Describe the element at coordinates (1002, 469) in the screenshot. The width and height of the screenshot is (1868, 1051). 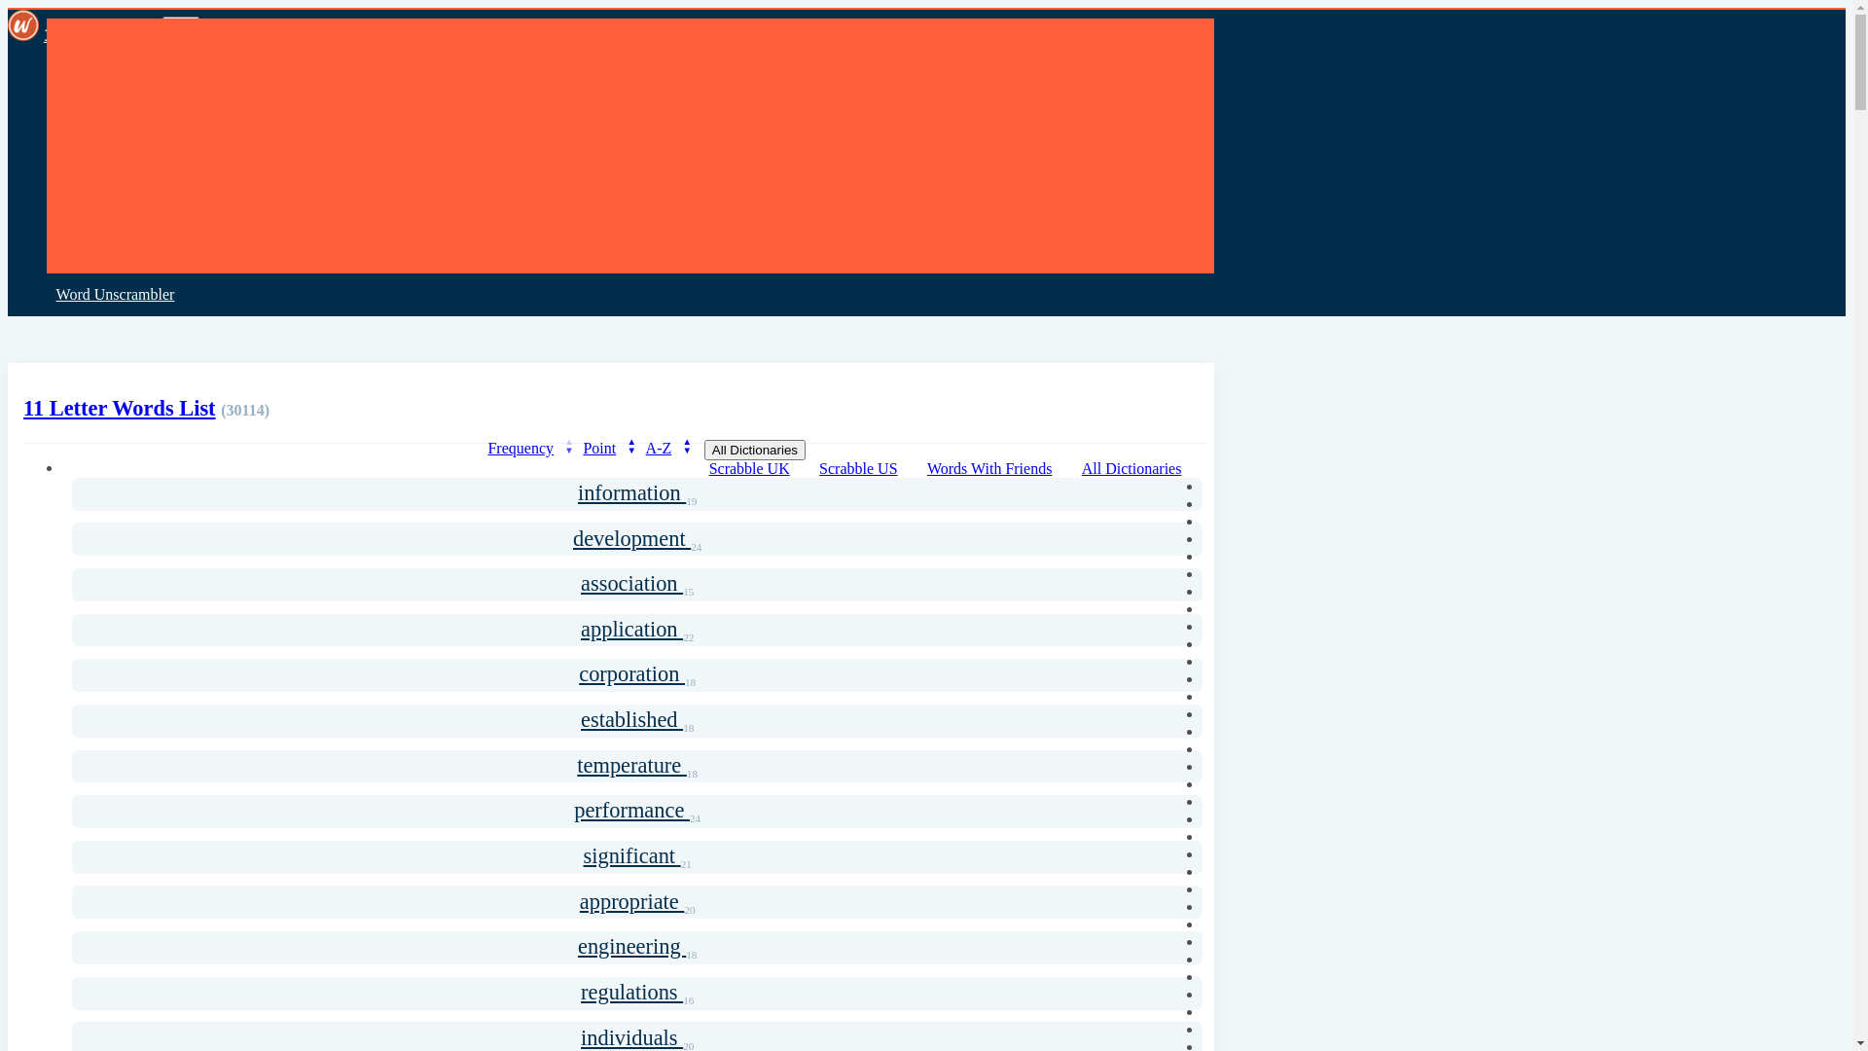
I see `'Words With Friends'` at that location.